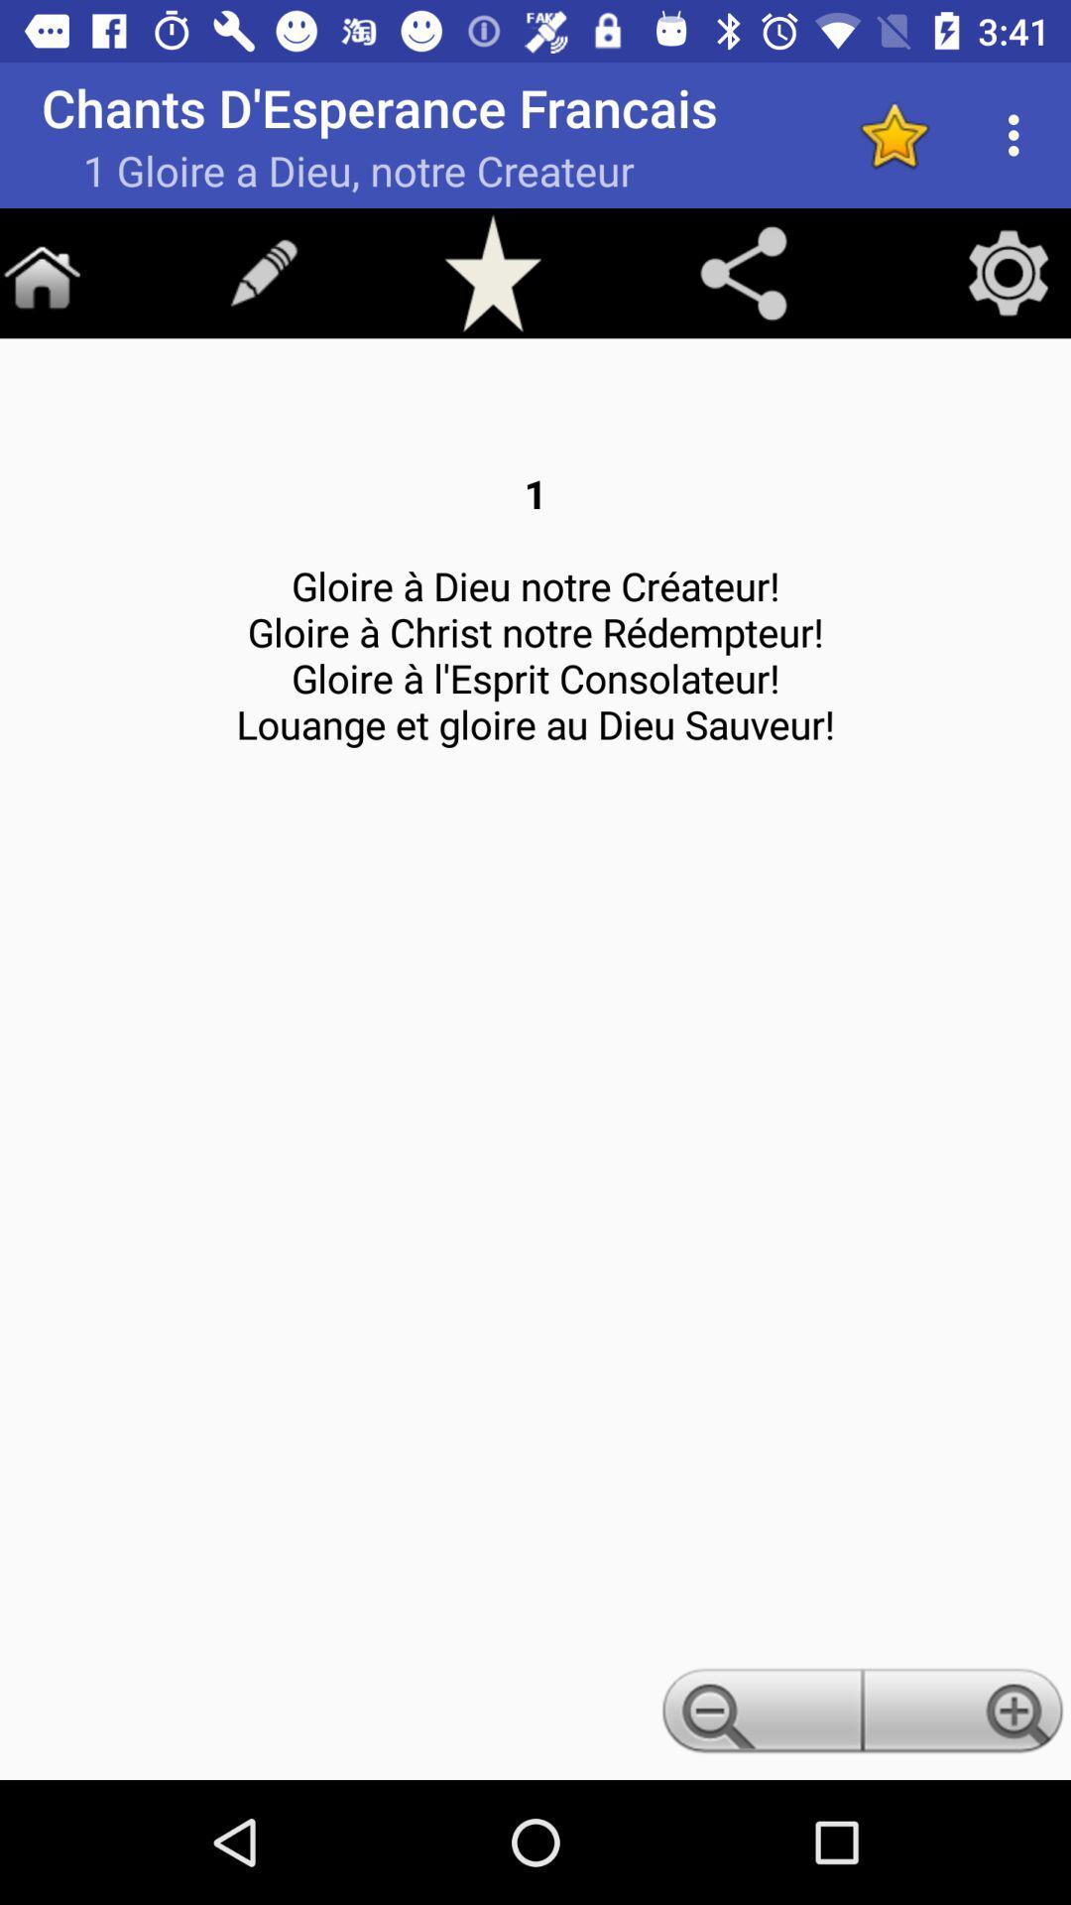 The height and width of the screenshot is (1905, 1071). Describe the element at coordinates (42, 272) in the screenshot. I see `home` at that location.